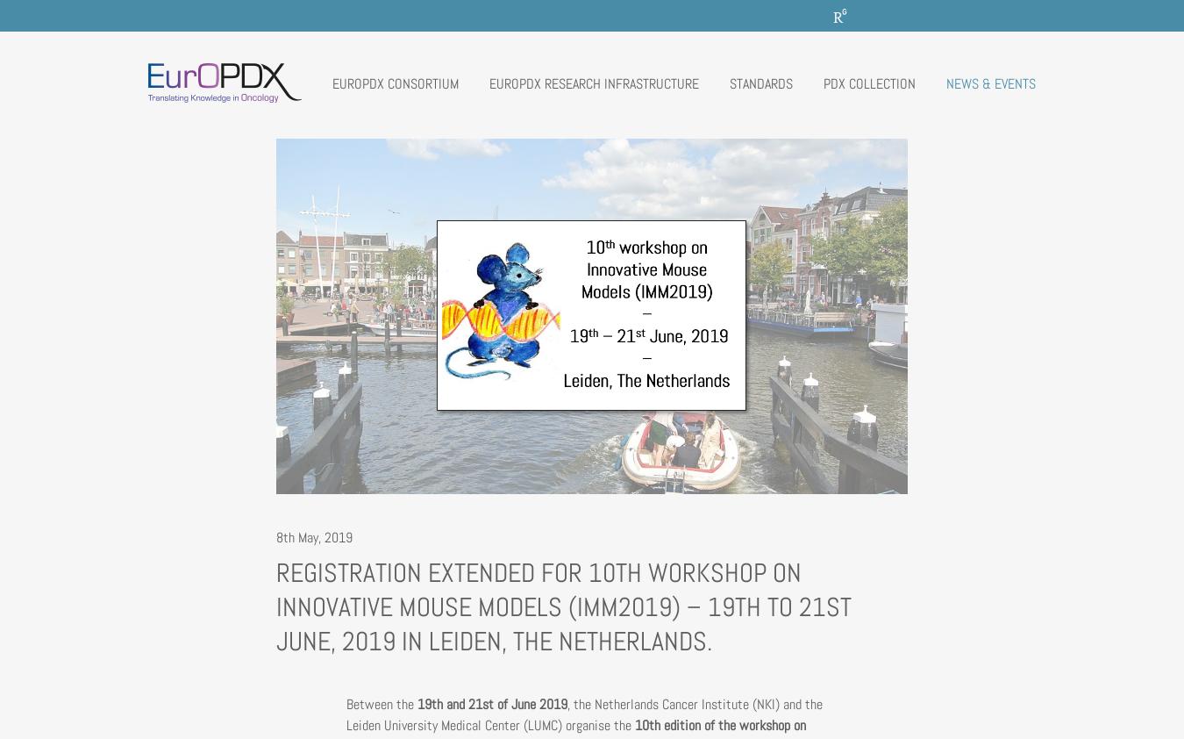  What do you see at coordinates (395, 83) in the screenshot?
I see `'EurOPDX consortium'` at bounding box center [395, 83].